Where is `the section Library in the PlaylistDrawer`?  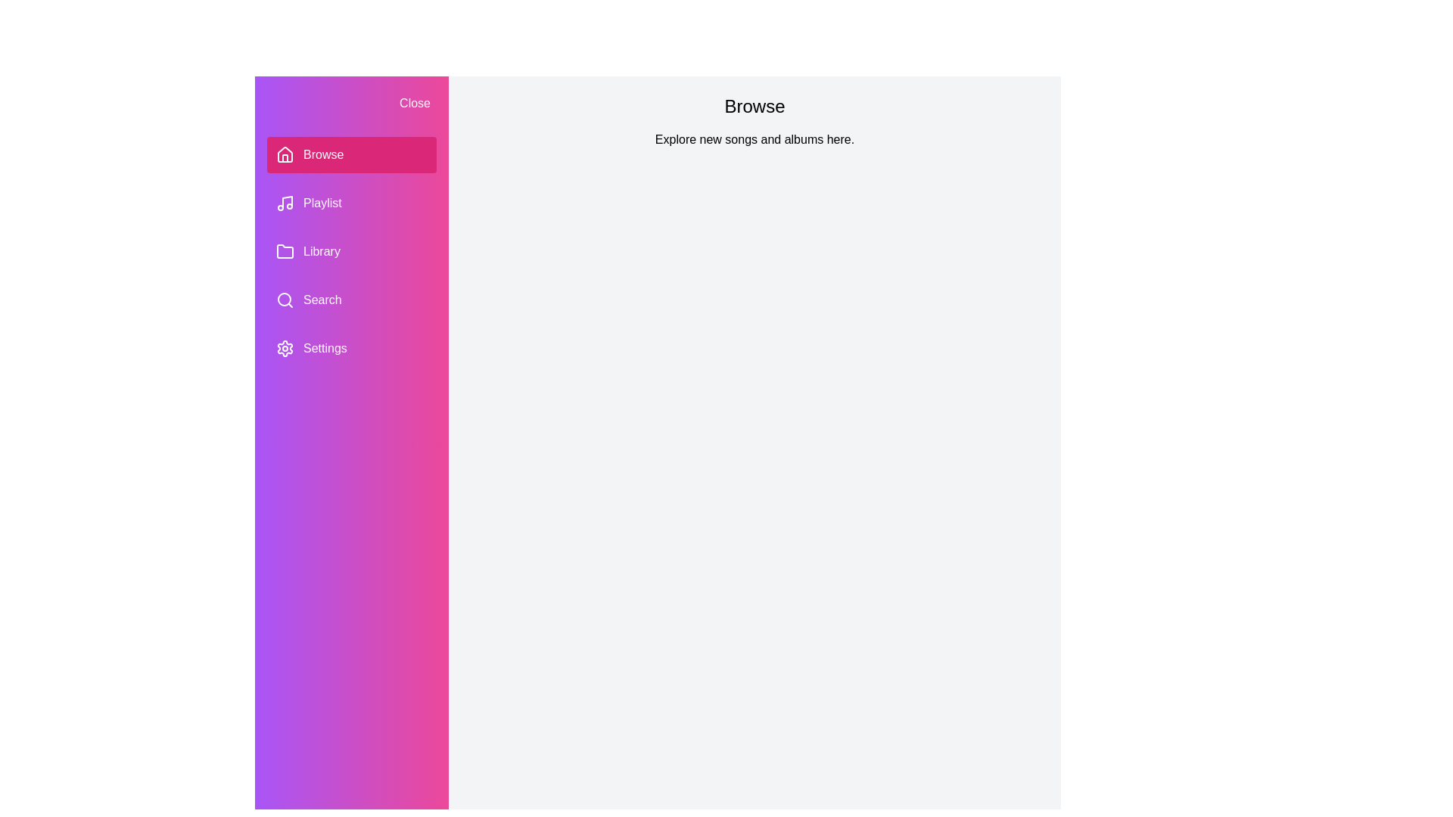
the section Library in the PlaylistDrawer is located at coordinates (351, 250).